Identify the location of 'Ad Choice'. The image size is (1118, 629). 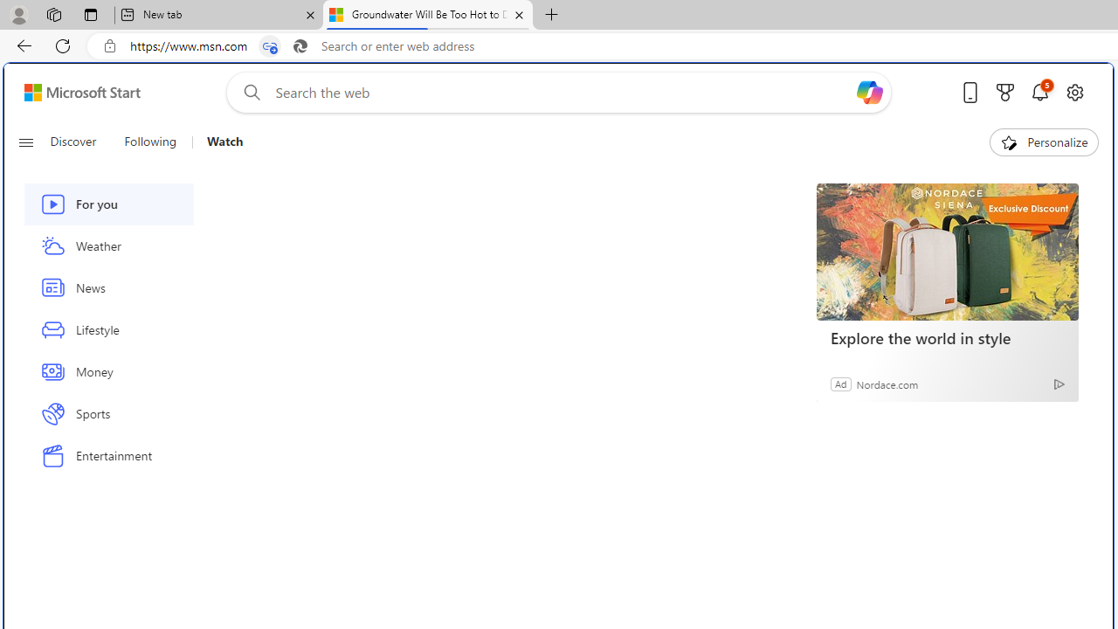
(1058, 383).